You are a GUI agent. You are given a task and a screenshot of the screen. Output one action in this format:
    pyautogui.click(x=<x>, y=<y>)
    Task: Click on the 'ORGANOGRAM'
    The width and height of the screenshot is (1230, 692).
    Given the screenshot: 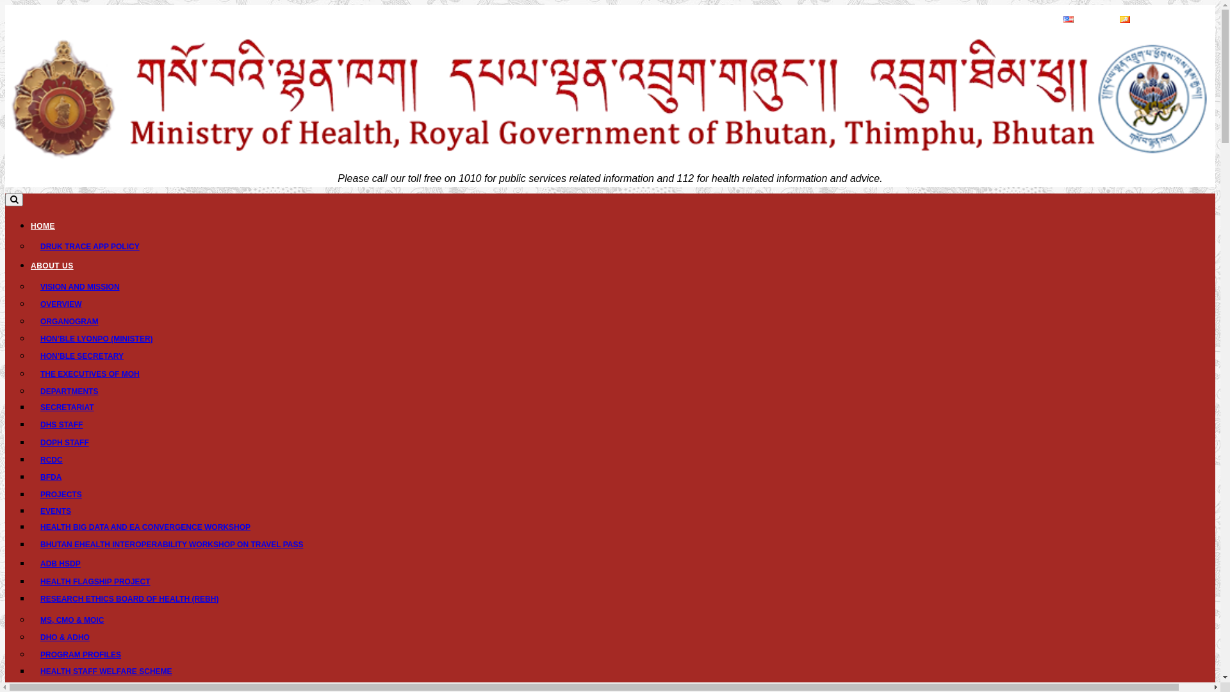 What is the action you would take?
    pyautogui.click(x=69, y=320)
    